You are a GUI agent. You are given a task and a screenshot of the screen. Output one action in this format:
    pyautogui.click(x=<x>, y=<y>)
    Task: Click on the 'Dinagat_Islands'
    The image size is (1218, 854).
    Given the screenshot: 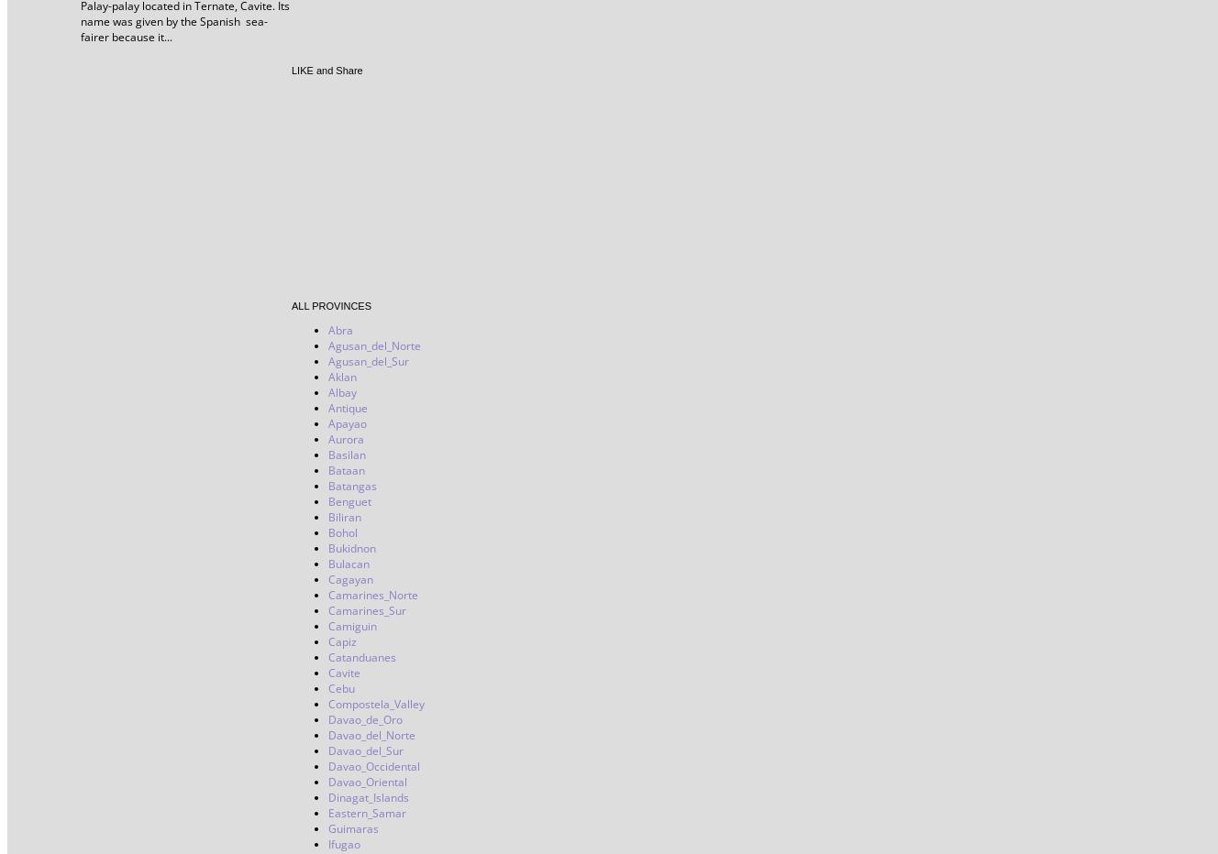 What is the action you would take?
    pyautogui.click(x=327, y=796)
    